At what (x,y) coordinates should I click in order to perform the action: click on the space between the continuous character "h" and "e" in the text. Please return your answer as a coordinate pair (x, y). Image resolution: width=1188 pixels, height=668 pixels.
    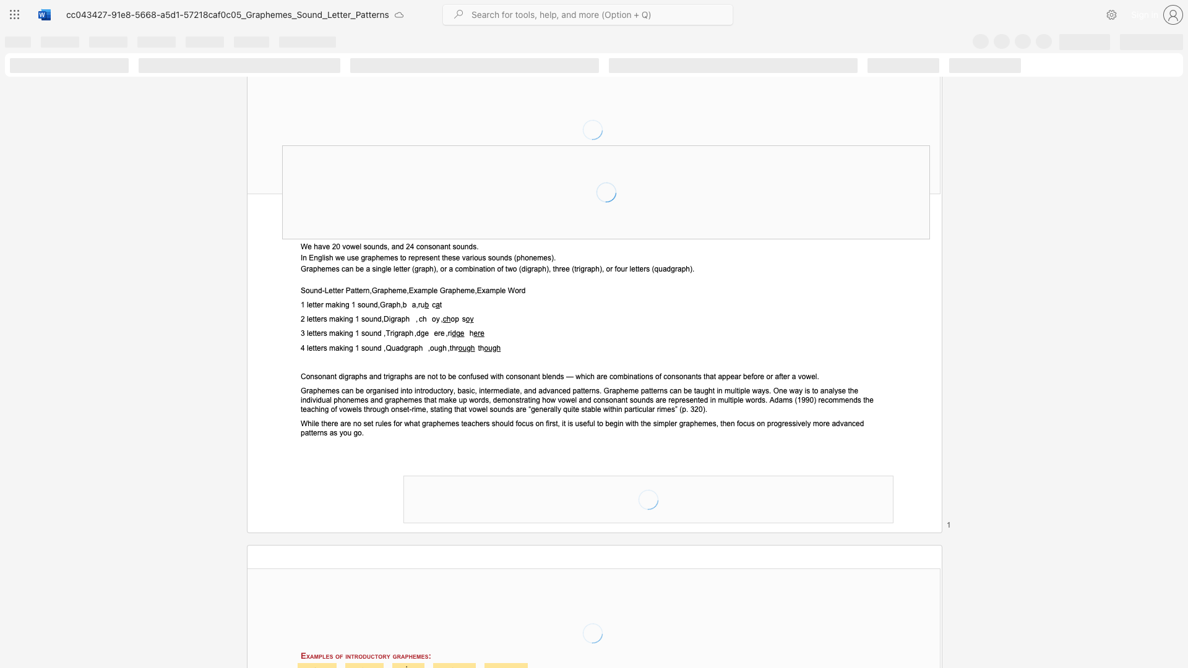
    Looking at the image, I should click on (321, 268).